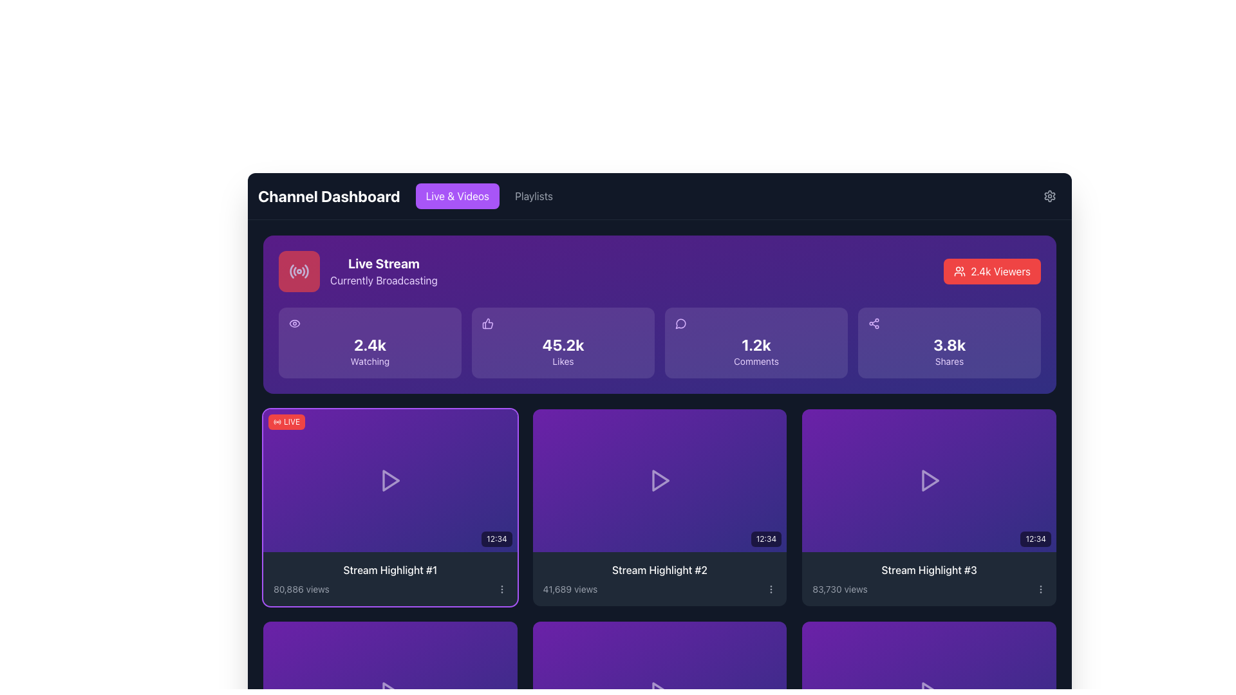 The image size is (1236, 695). Describe the element at coordinates (501, 589) in the screenshot. I see `the vertical ellipsis button located in the bottom-right corner of the 'Stream Highlight #1' card` at that location.